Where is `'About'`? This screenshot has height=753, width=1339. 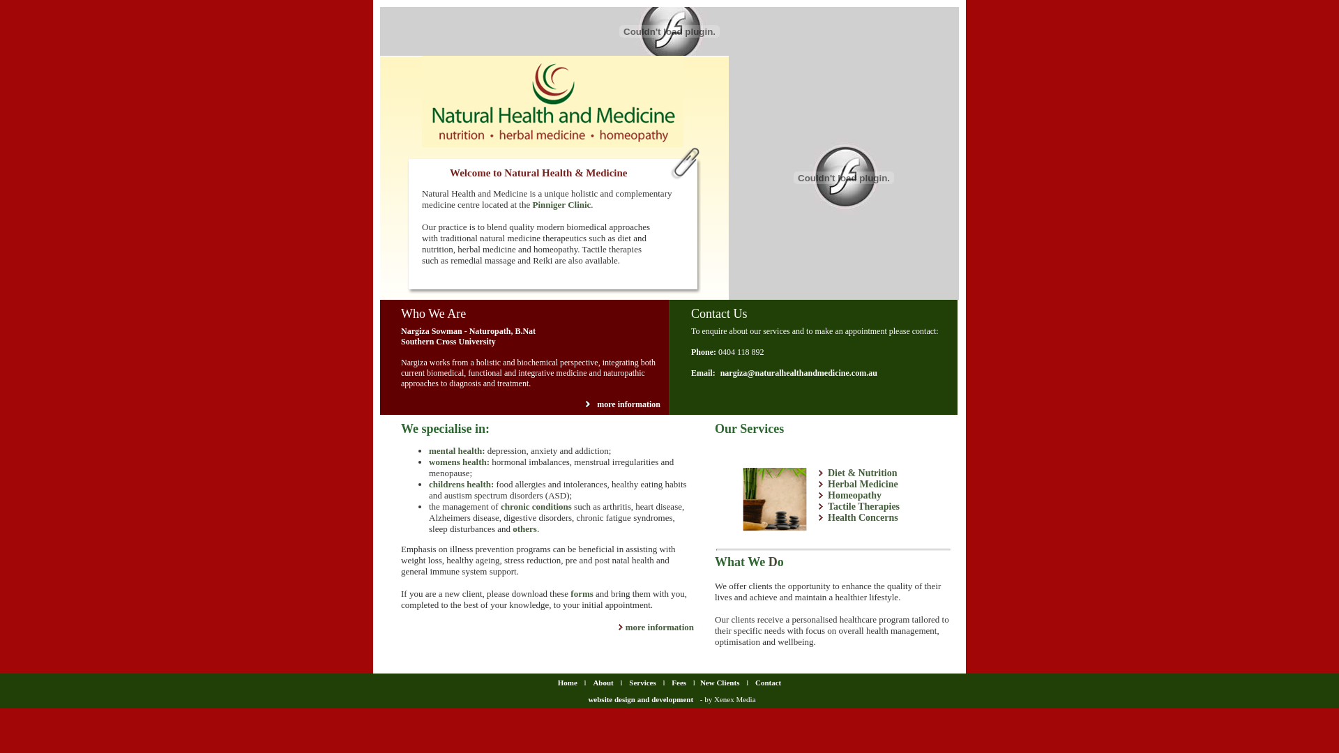 'About' is located at coordinates (603, 682).